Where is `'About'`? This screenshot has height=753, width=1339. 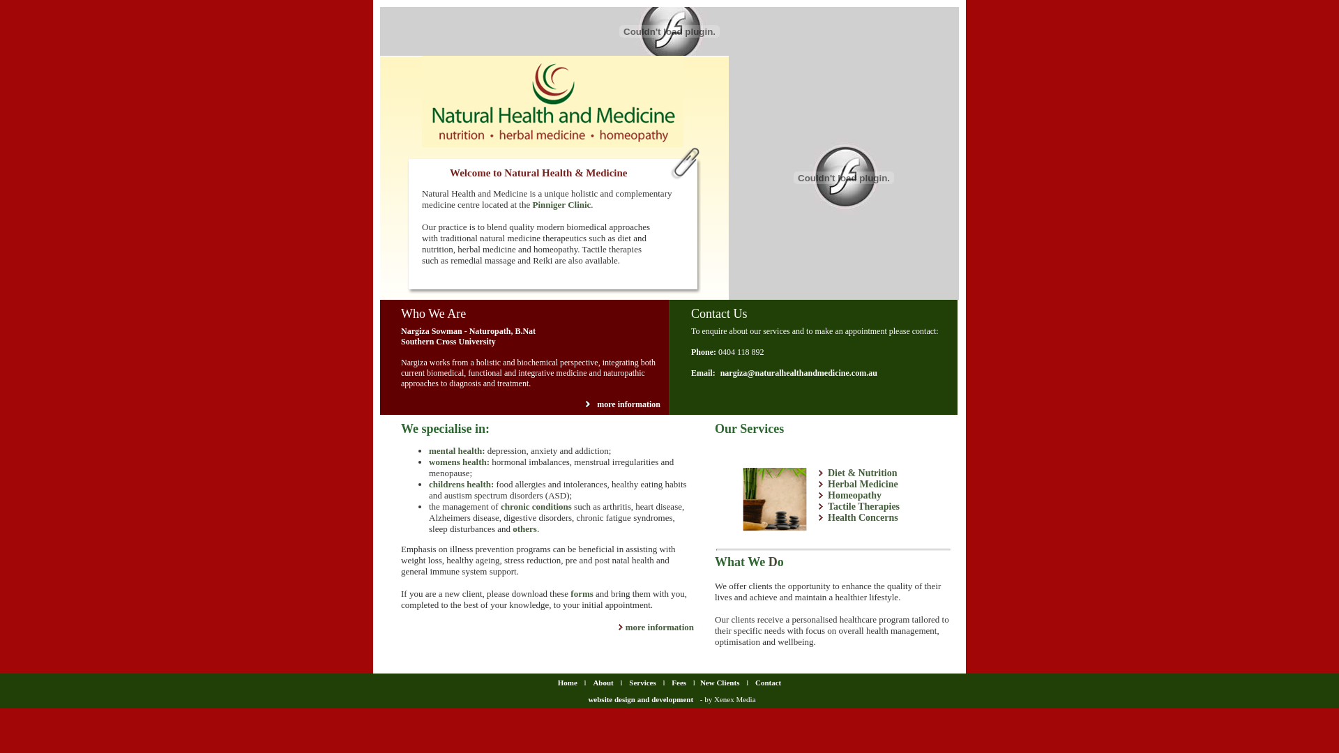 'About' is located at coordinates (603, 682).